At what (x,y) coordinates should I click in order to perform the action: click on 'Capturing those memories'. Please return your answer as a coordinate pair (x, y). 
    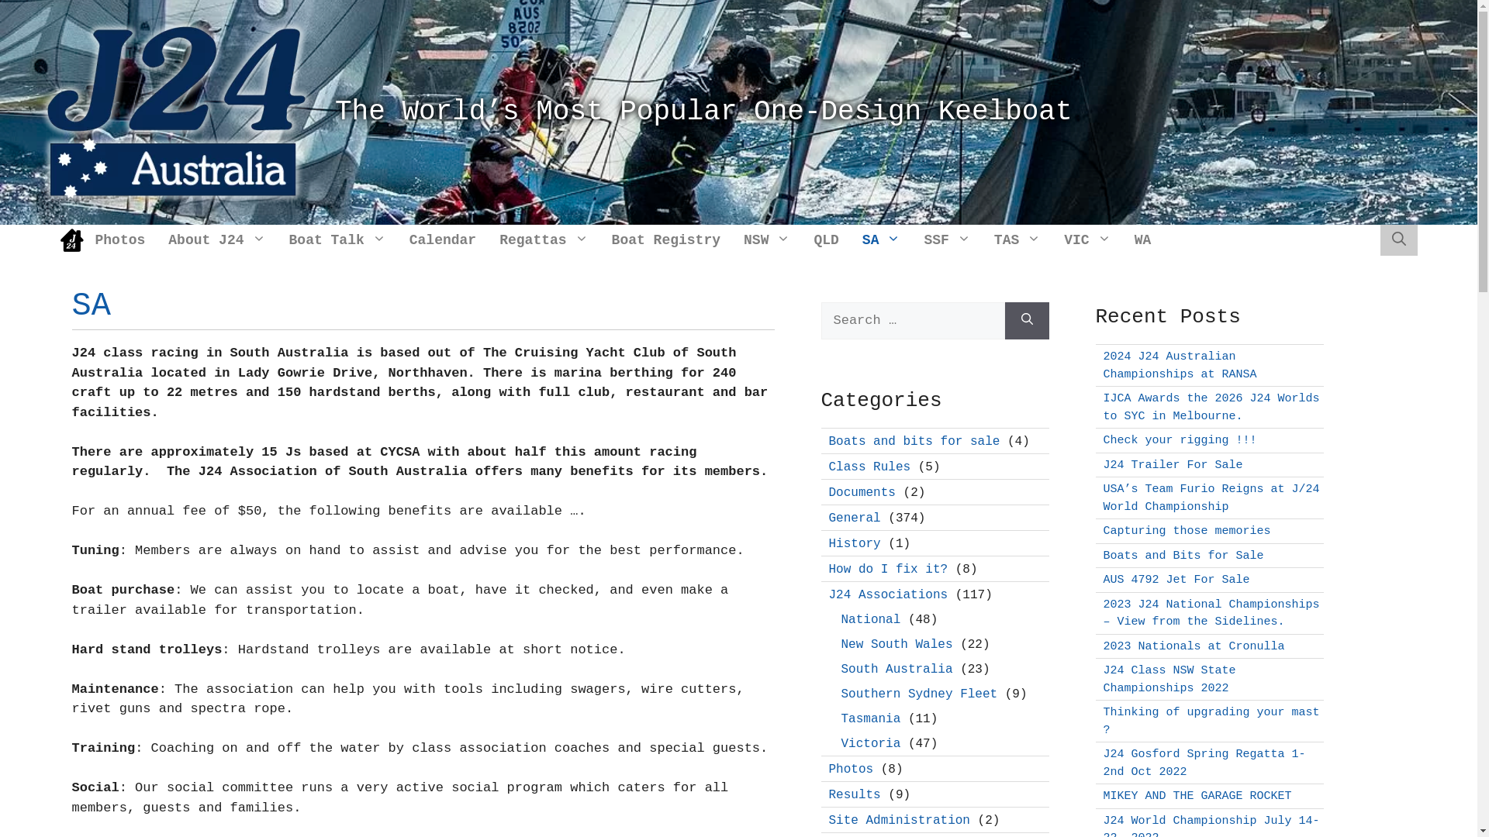
    Looking at the image, I should click on (1186, 530).